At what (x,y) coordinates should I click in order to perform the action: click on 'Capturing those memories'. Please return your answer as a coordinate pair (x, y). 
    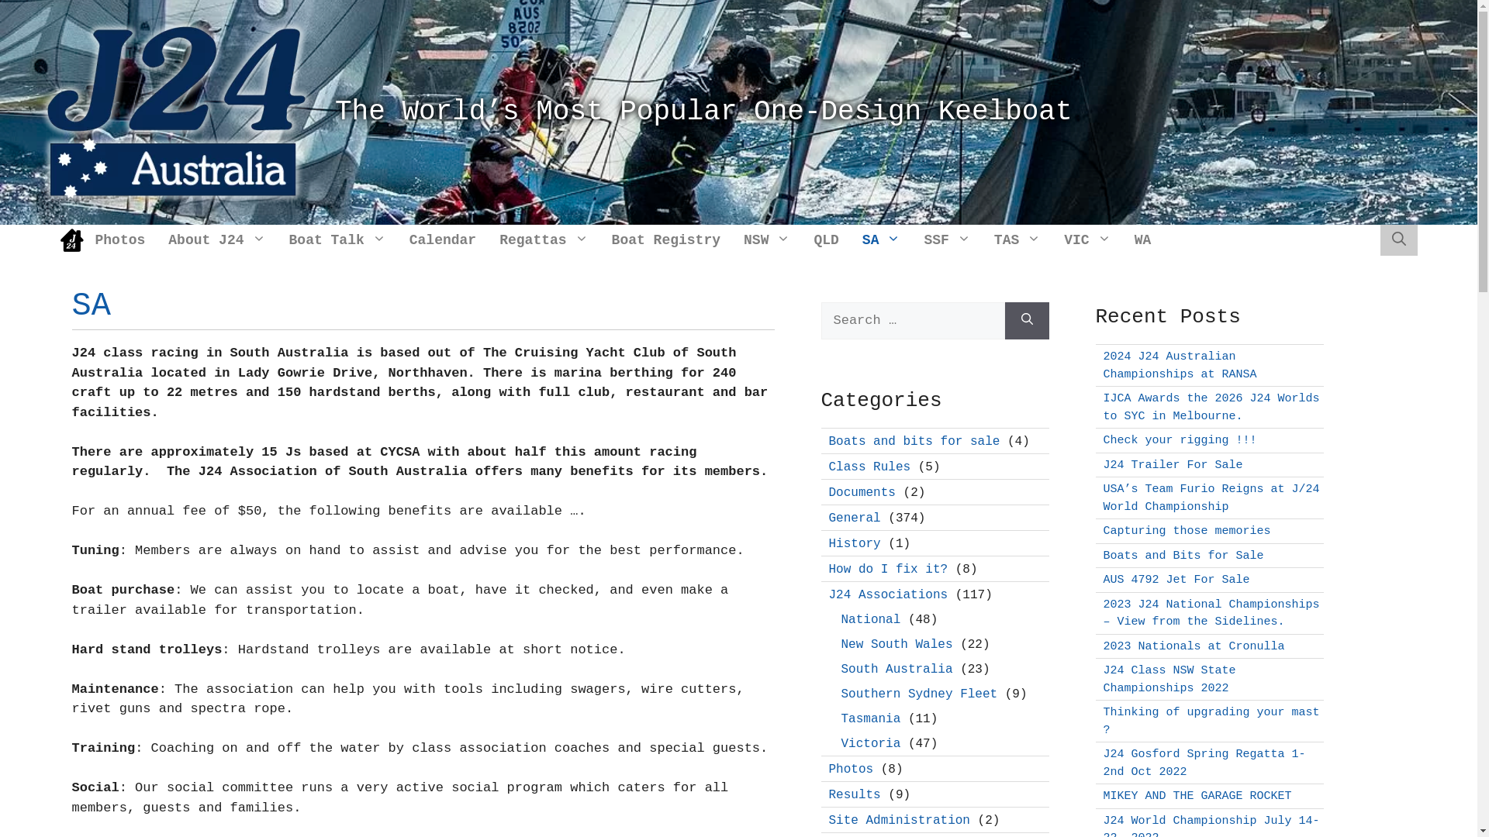
    Looking at the image, I should click on (1186, 530).